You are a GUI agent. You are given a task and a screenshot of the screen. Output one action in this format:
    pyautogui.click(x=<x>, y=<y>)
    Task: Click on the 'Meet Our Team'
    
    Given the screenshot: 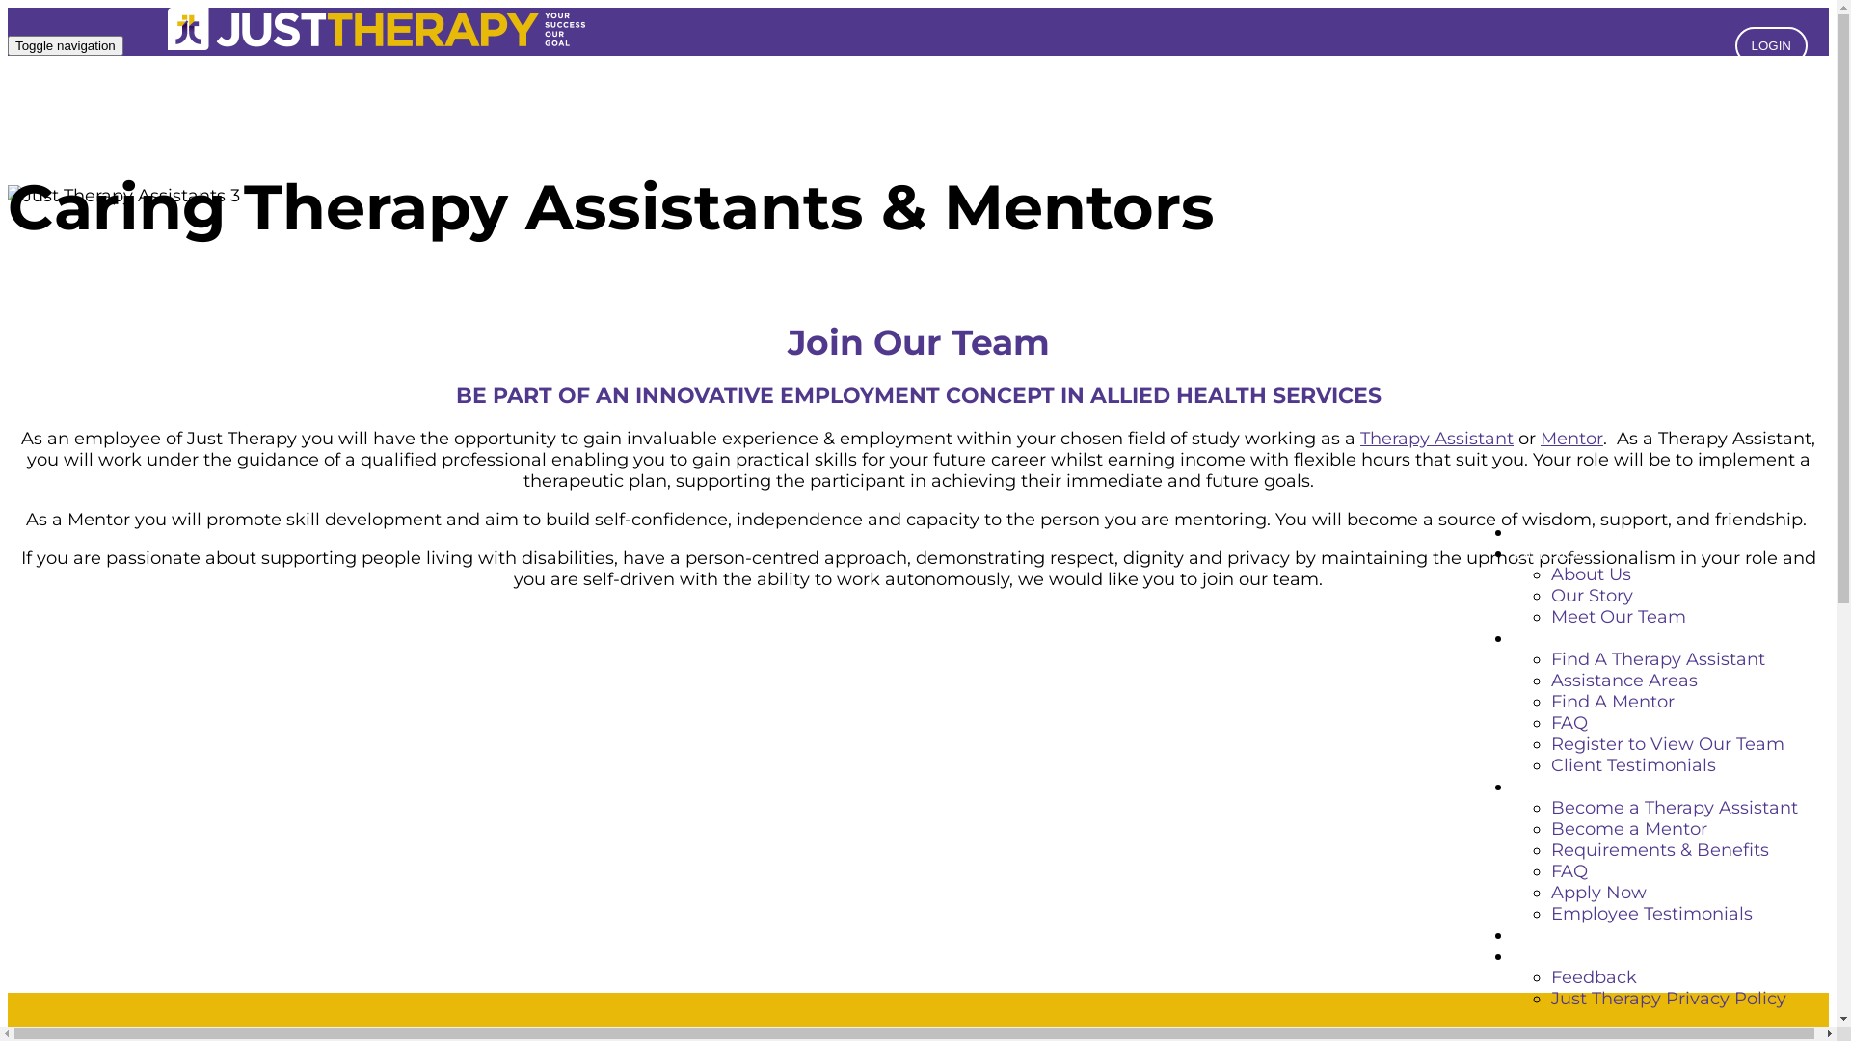 What is the action you would take?
    pyautogui.click(x=1619, y=617)
    